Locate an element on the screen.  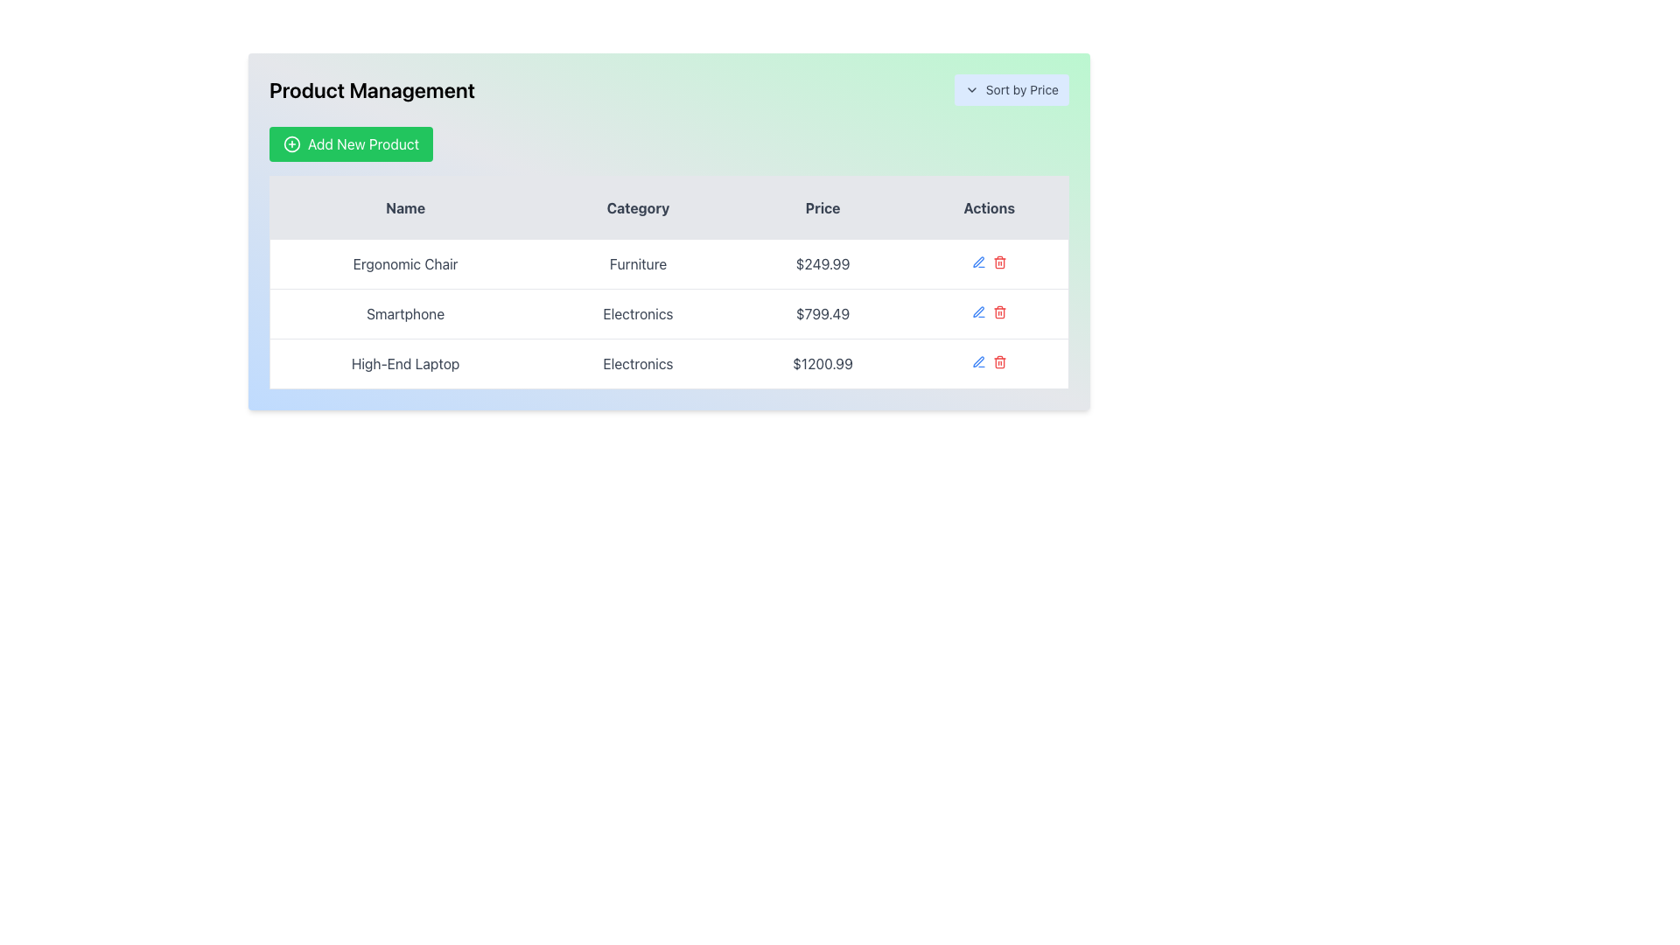
the static text label displaying the price '$1200.99' in the 'Price' column of the last row corresponding to 'High-End Laptop' is located at coordinates (822, 363).